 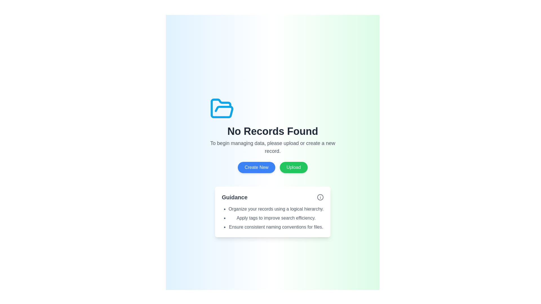 What do you see at coordinates (273, 131) in the screenshot?
I see `message displayed in the bold text label that says 'No Records Found', which is centered in the interface` at bounding box center [273, 131].